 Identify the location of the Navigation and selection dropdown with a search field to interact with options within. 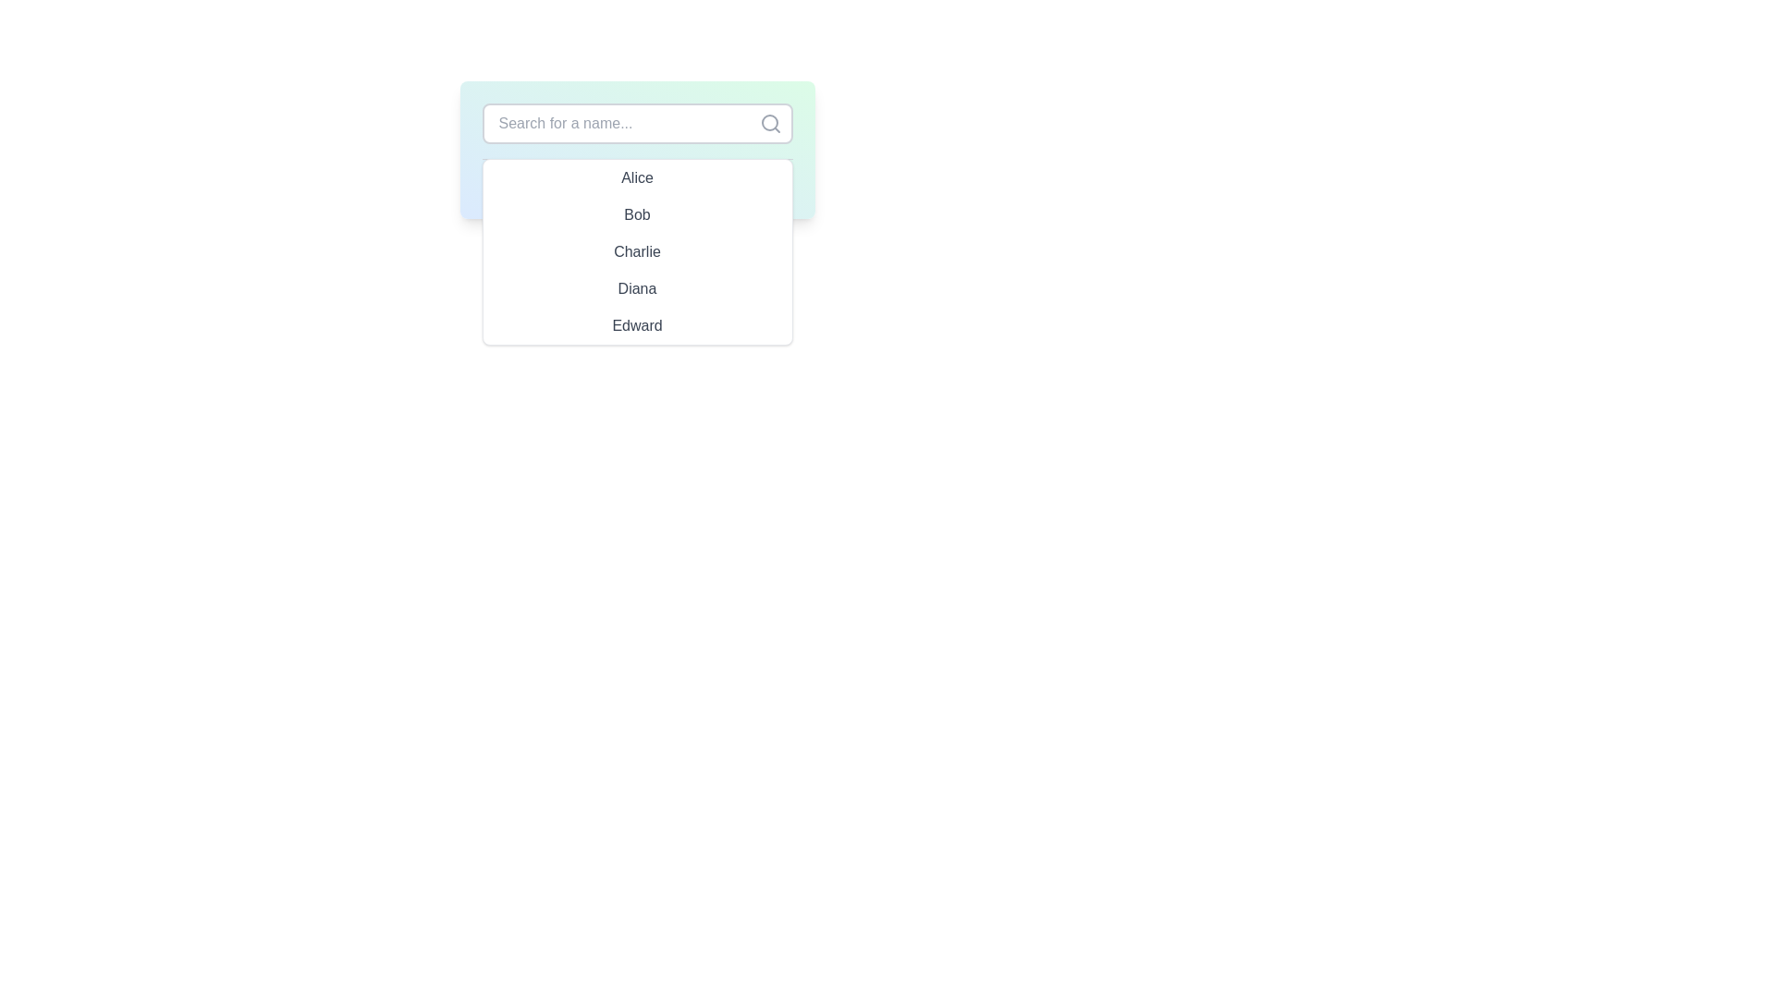
(637, 149).